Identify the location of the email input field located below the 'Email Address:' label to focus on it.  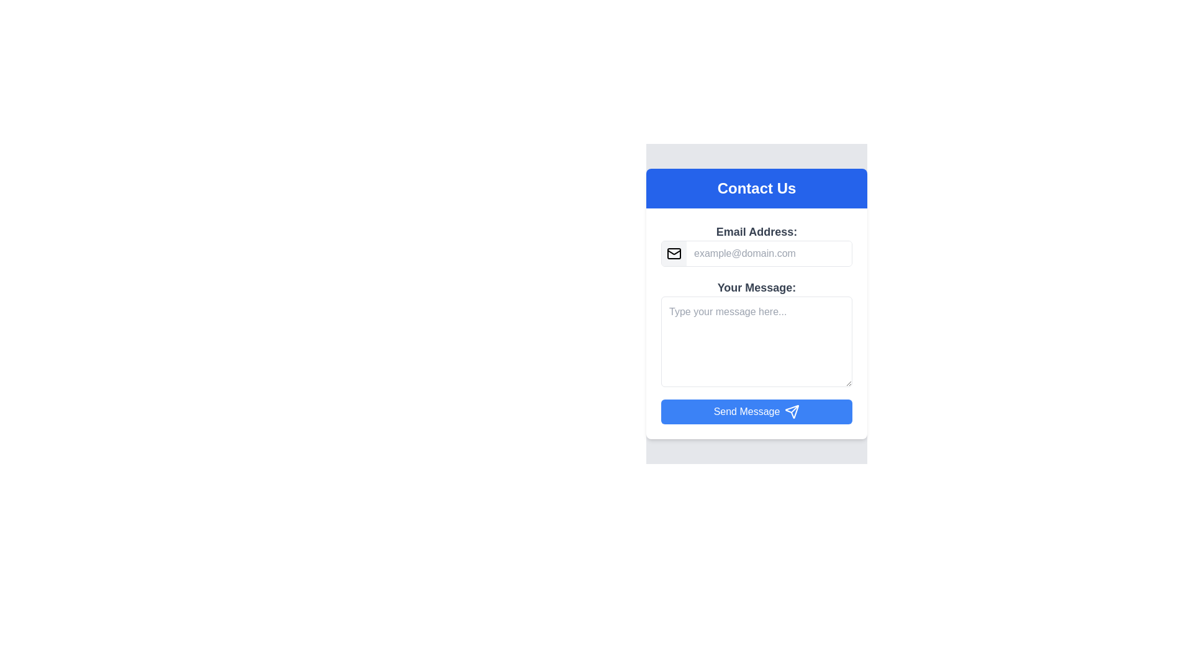
(768, 252).